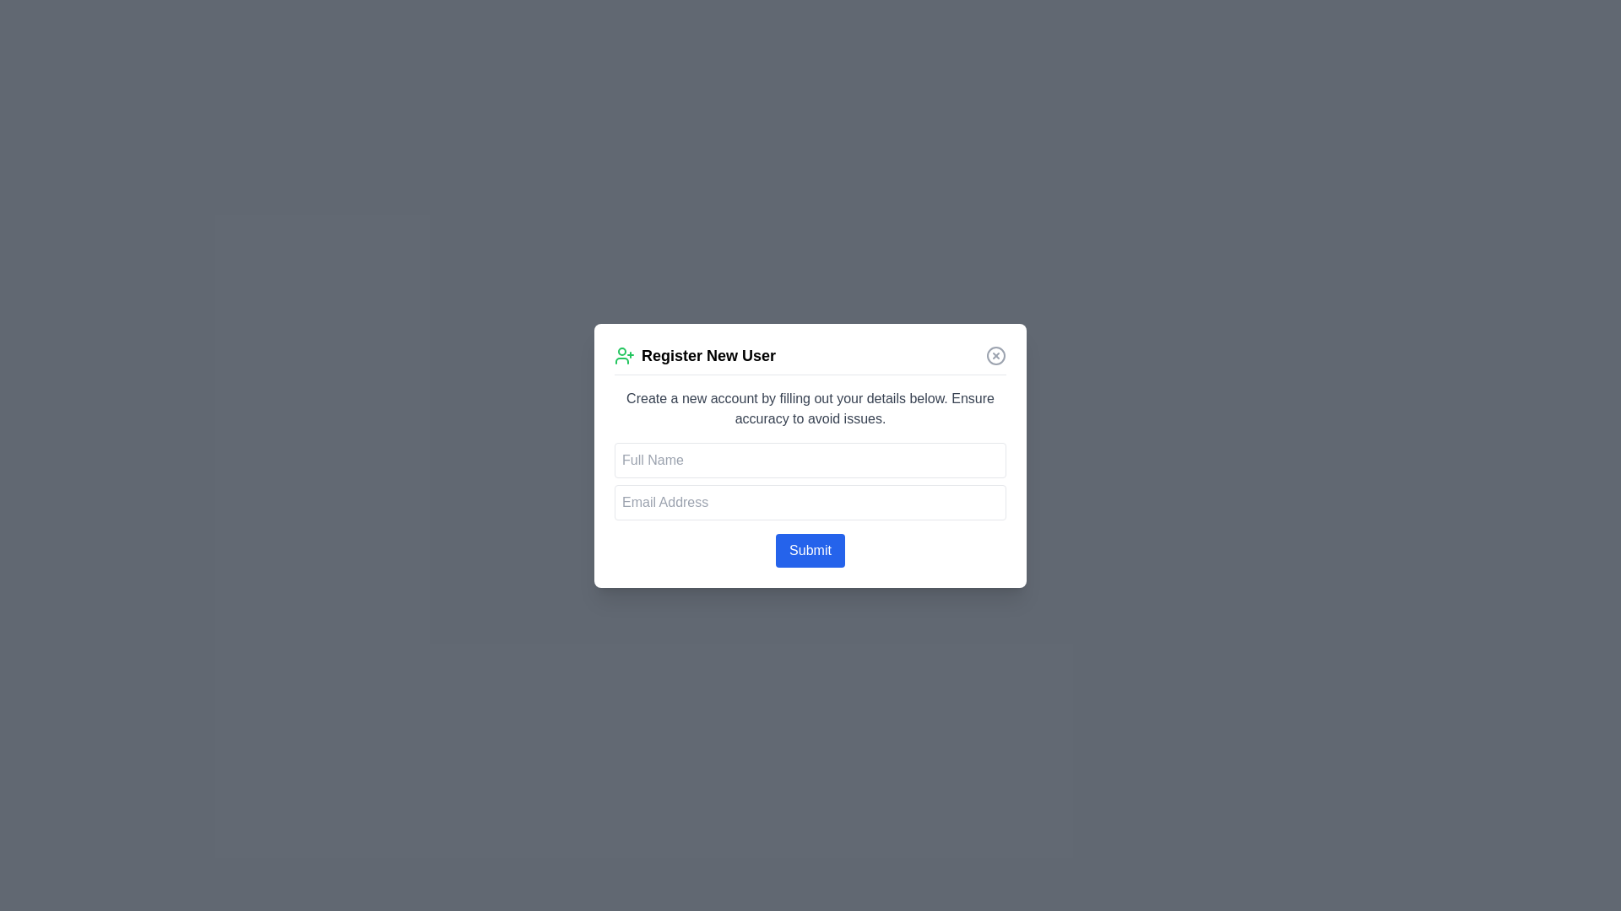 The width and height of the screenshot is (1621, 911). Describe the element at coordinates (996, 354) in the screenshot. I see `the close button to dismiss the dialog` at that location.